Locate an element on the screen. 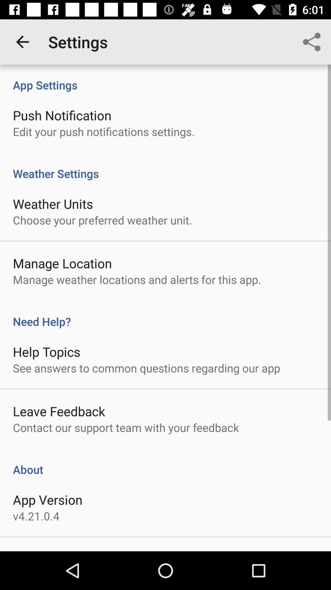 Image resolution: width=331 pixels, height=590 pixels. the icon above the app settings item is located at coordinates (22, 41).